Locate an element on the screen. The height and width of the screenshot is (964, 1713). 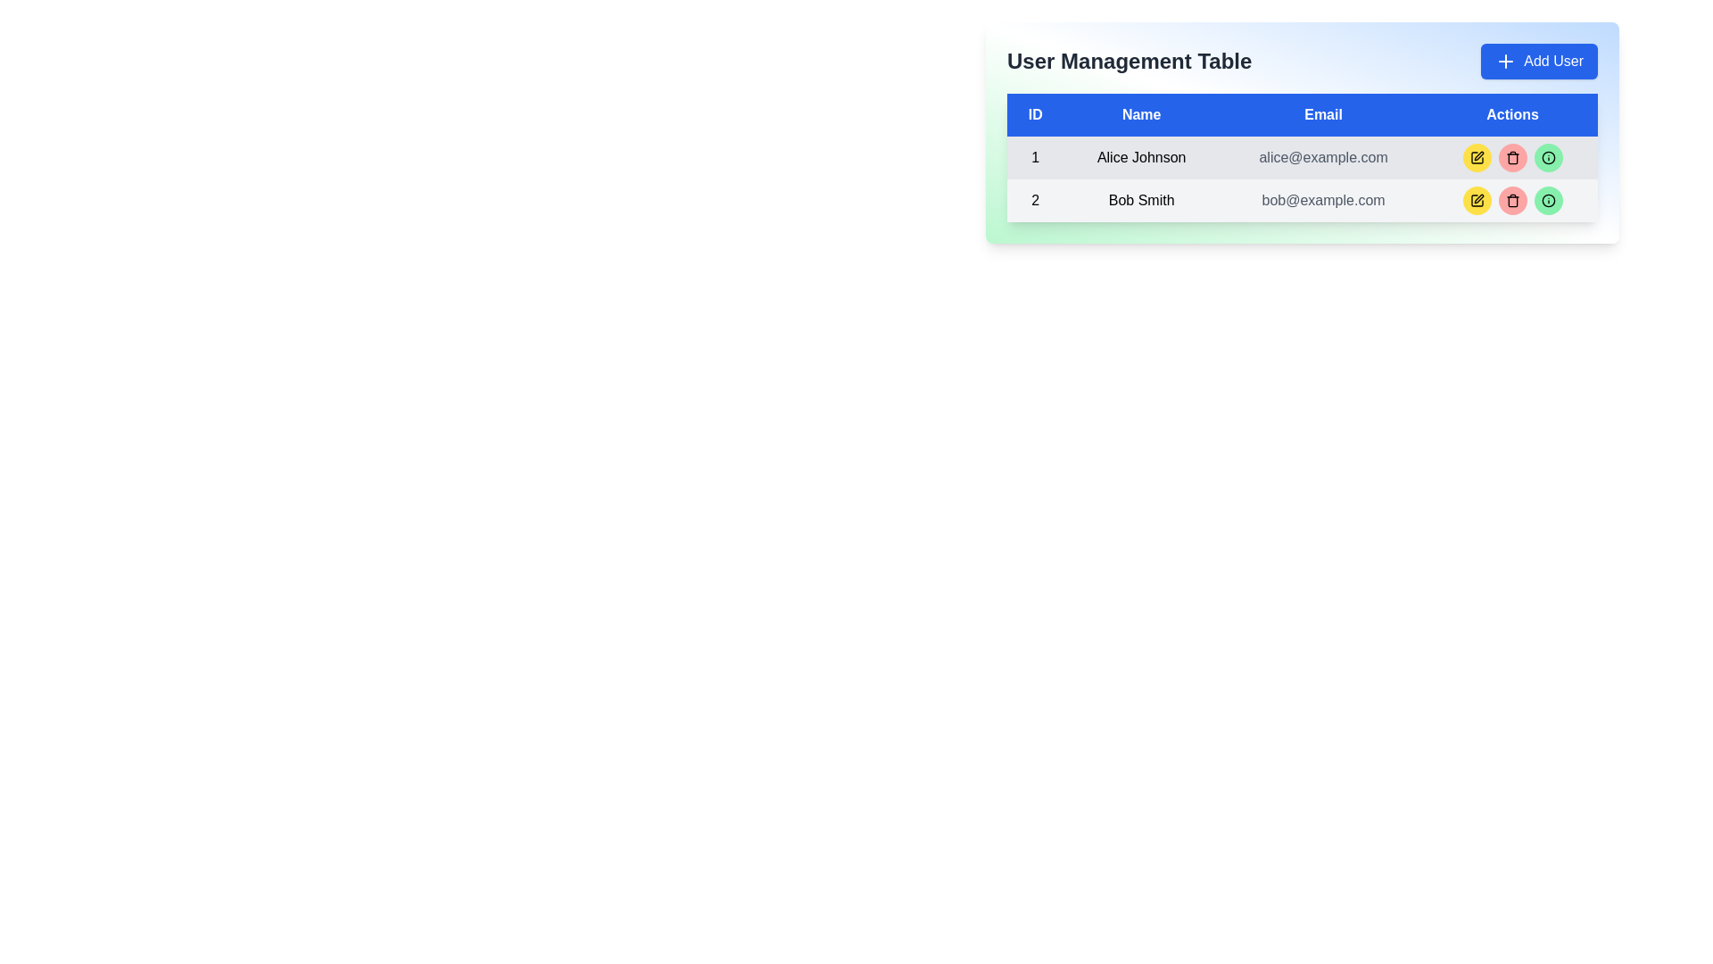
the small, circular yellow button with a pencil icon in the 'Actions' column of the first row of the user management table is located at coordinates (1477, 157).